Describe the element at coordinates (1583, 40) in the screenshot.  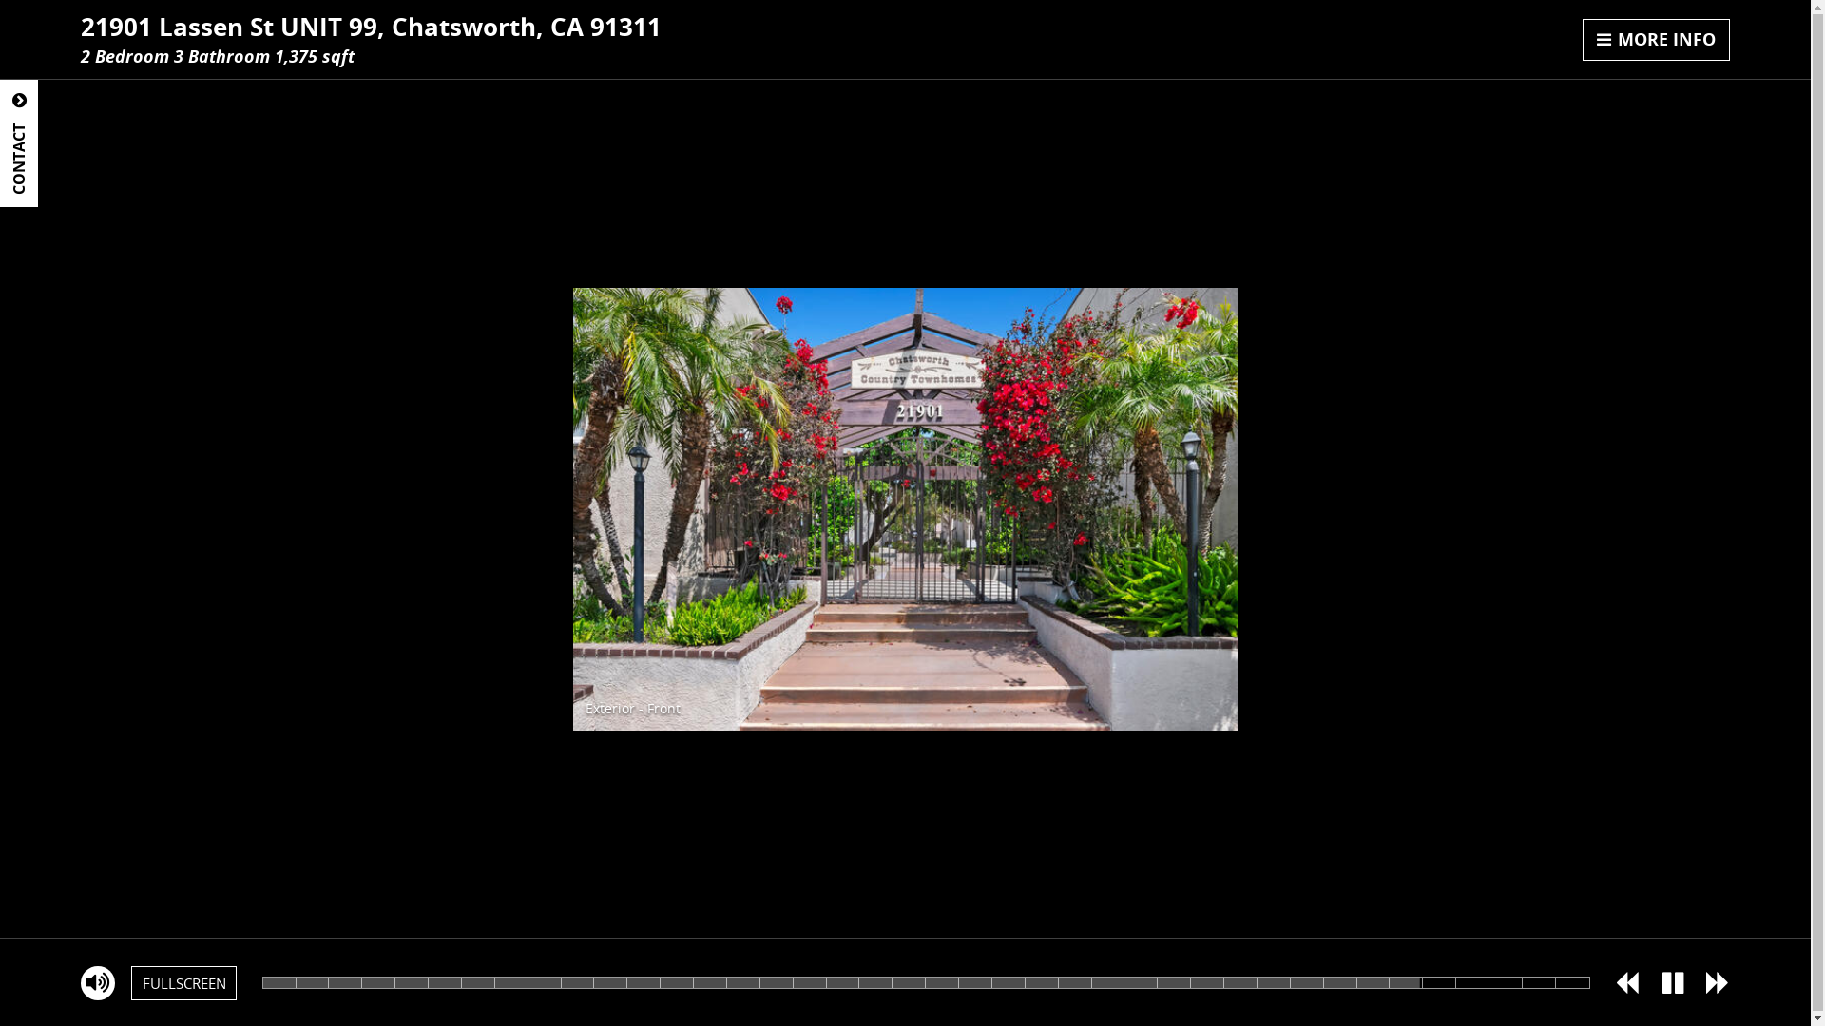
I see `'MORE INFO'` at that location.